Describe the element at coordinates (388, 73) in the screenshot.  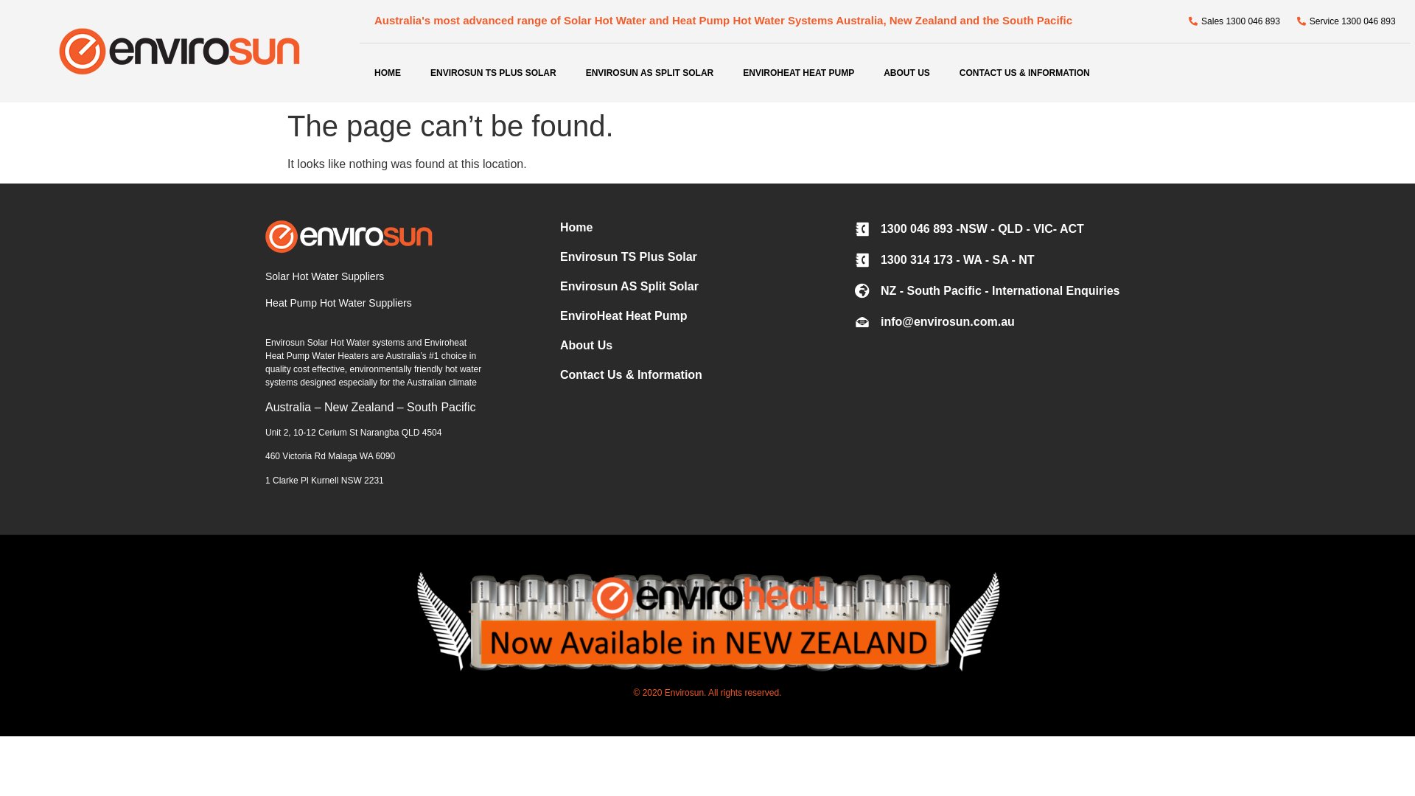
I see `'HOME'` at that location.